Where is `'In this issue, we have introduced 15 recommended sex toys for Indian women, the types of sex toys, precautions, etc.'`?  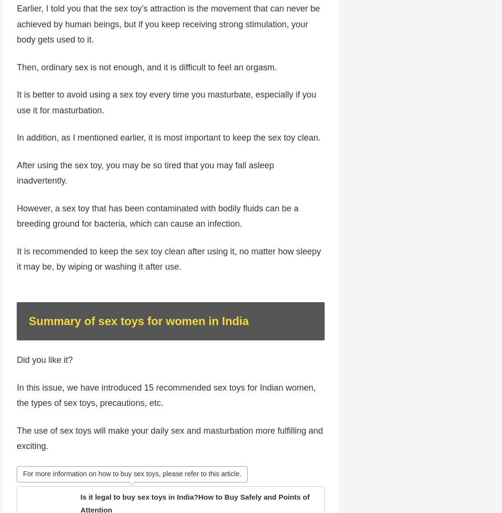
'In this issue, we have introduced 15 recommended sex toys for Indian women, the types of sex toys, precautions, etc.' is located at coordinates (165, 412).